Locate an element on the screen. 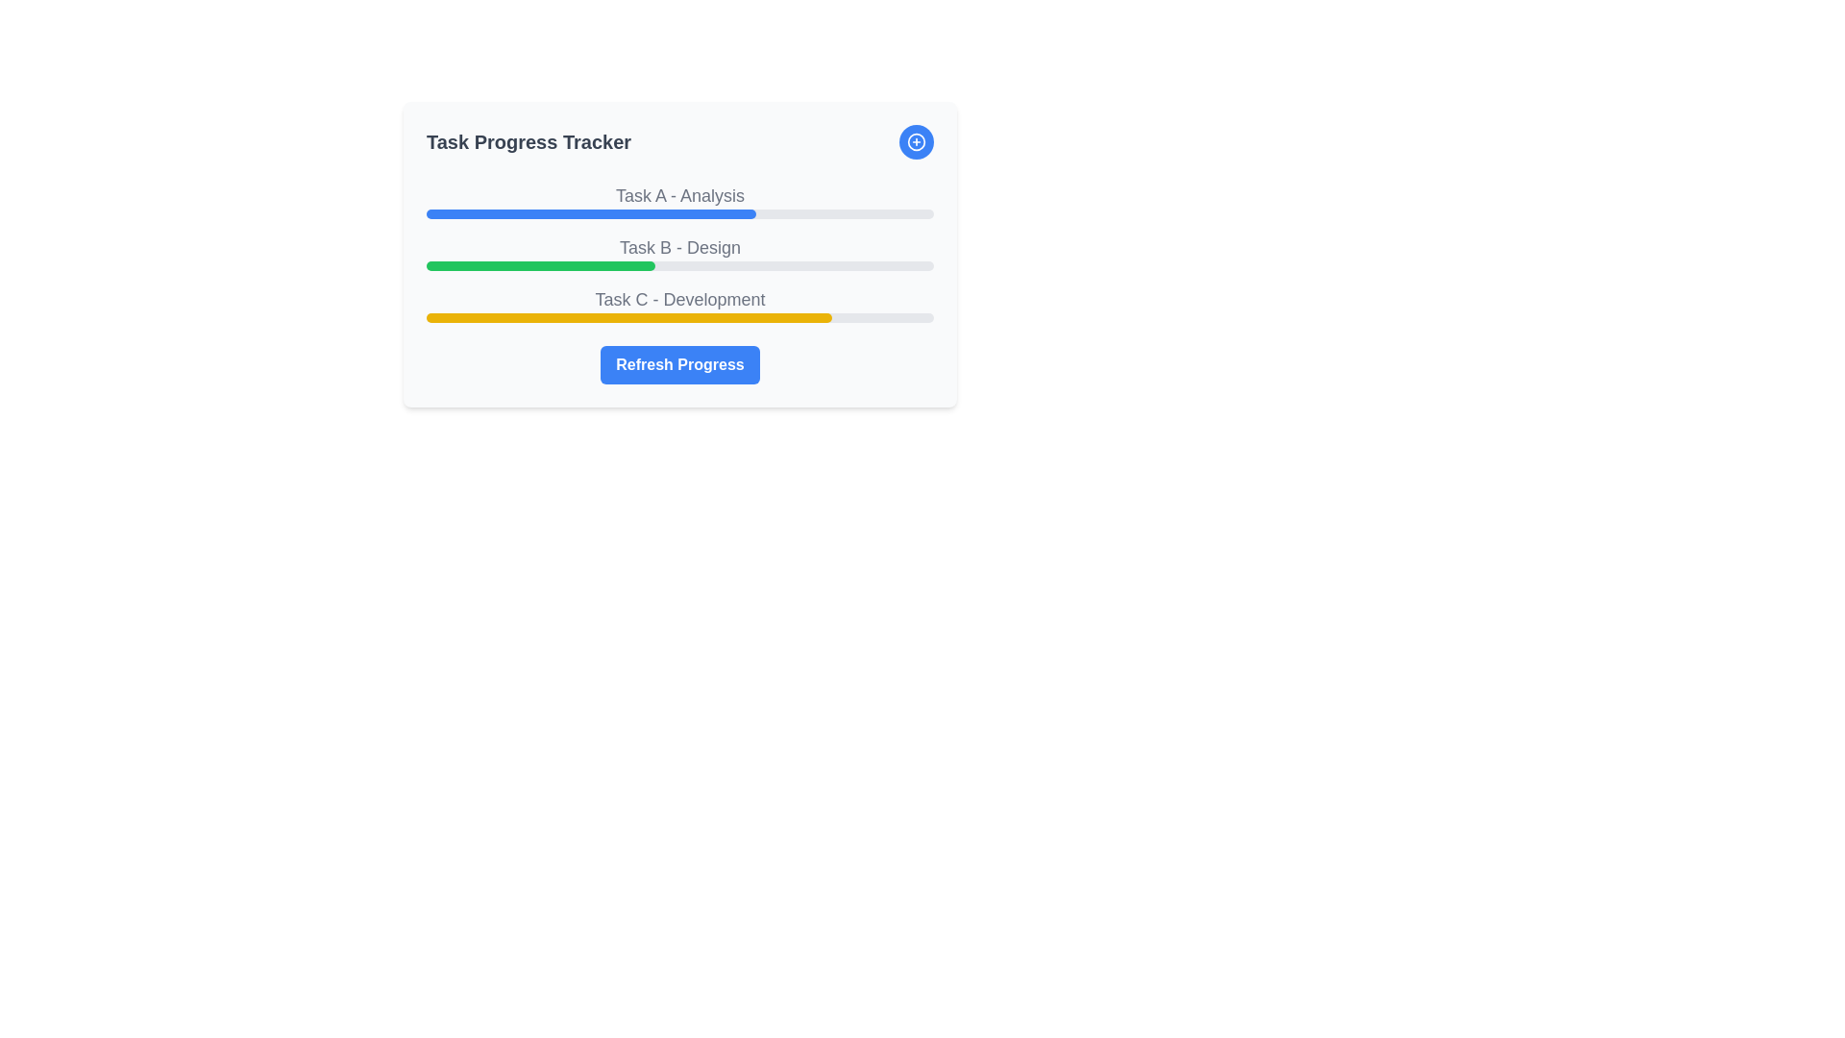 This screenshot has width=1845, height=1038. progress percentage displayed on the progress bar for 'Task B - Design', which is visually represented in green and located in the middle of the 'Task Progress Tracker' panel is located at coordinates (680, 251).